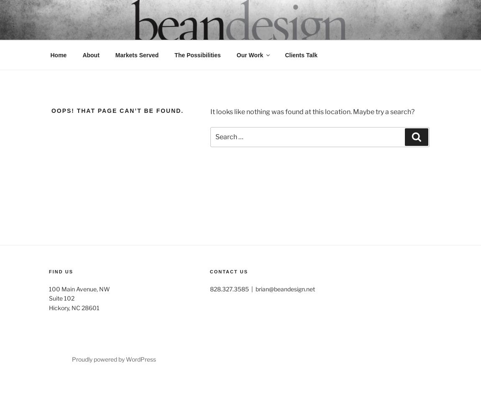 Image resolution: width=481 pixels, height=418 pixels. Describe the element at coordinates (261, 288) in the screenshot. I see `'828.327.3585  |  brian@beandesign.net'` at that location.